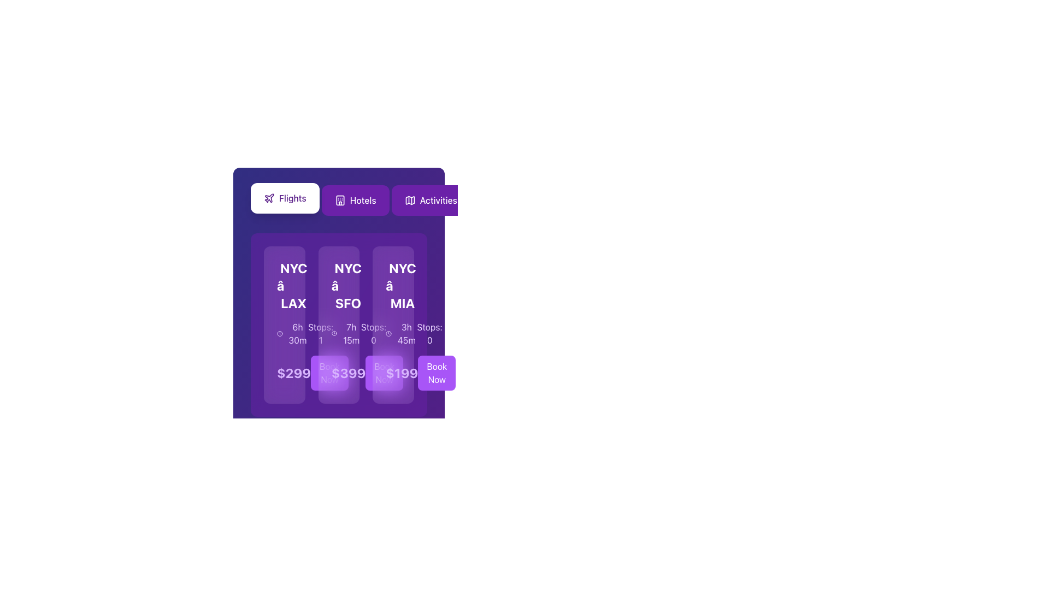 The image size is (1049, 590). I want to click on the static text display indicating the price of $199 for the travel option, located to the left of the 'Book Now' button in the NYC-MIA flight option column, so click(401, 372).